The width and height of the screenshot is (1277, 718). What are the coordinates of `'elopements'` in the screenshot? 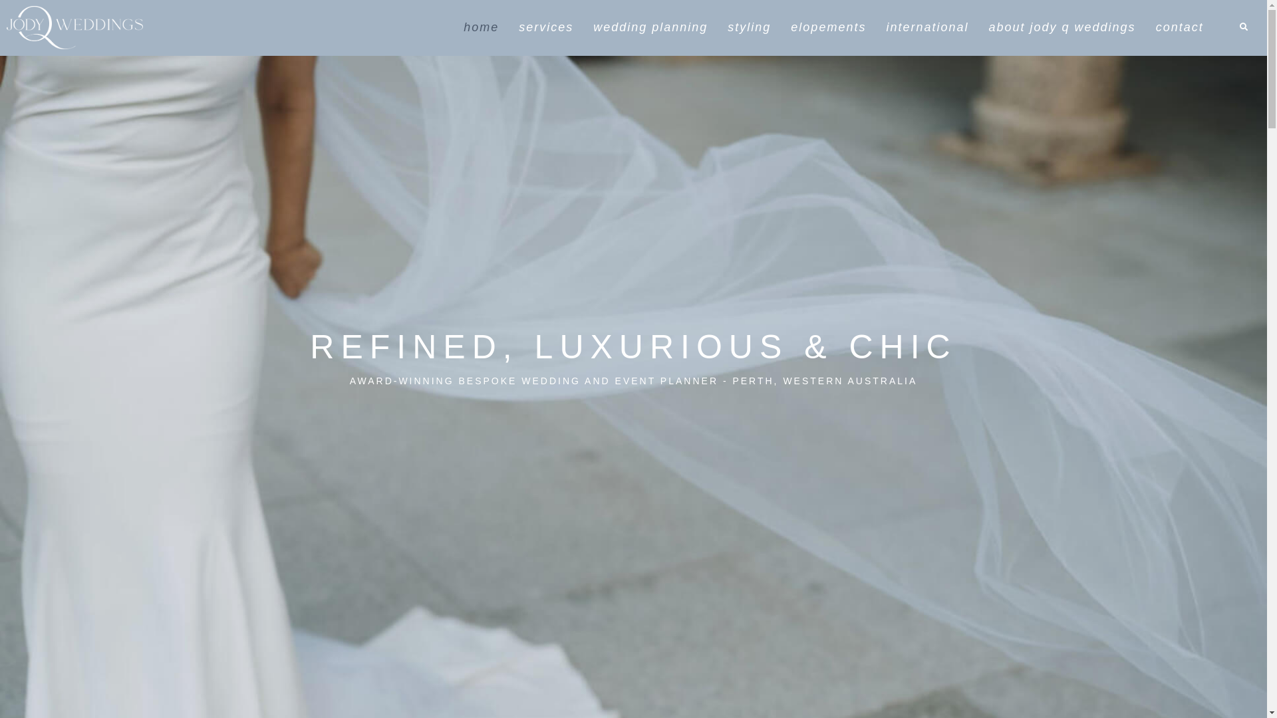 It's located at (827, 27).